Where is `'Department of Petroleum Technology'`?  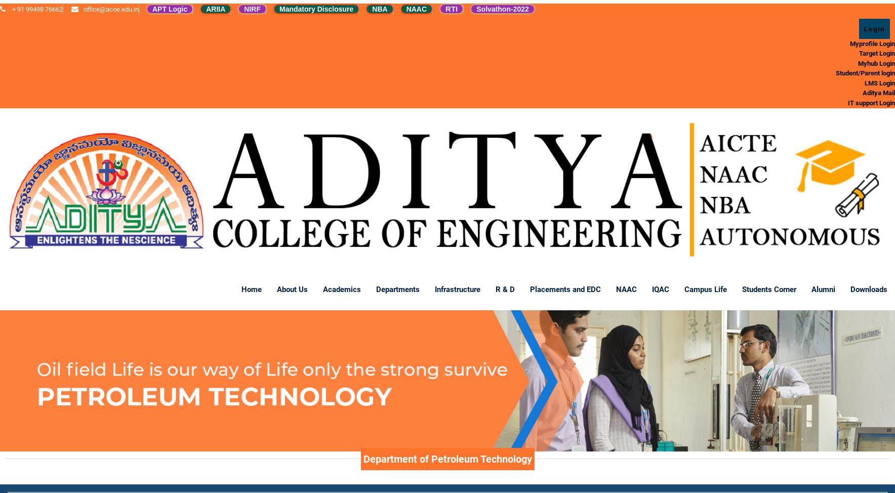
'Department of Petroleum Technology' is located at coordinates (447, 458).